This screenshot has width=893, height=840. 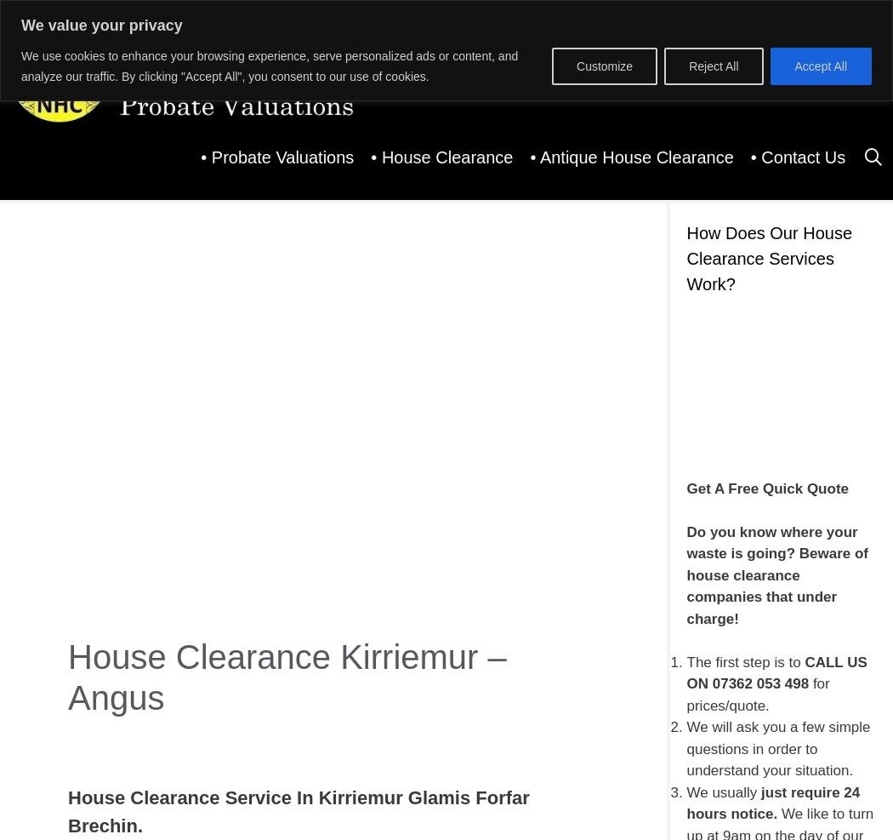 I want to click on 'just require 24 hours notice.', so click(x=685, y=803).